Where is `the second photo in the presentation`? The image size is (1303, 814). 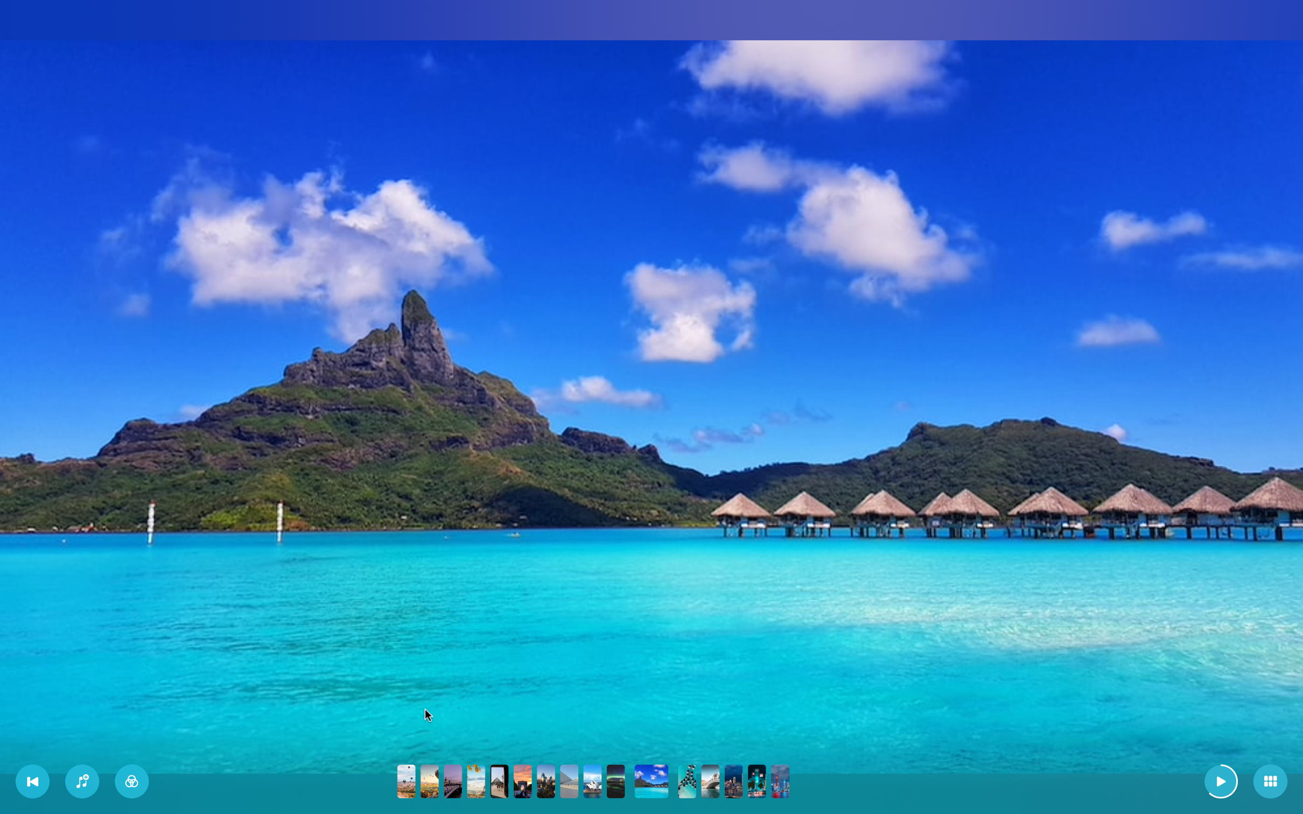 the second photo in the presentation is located at coordinates (429, 780).